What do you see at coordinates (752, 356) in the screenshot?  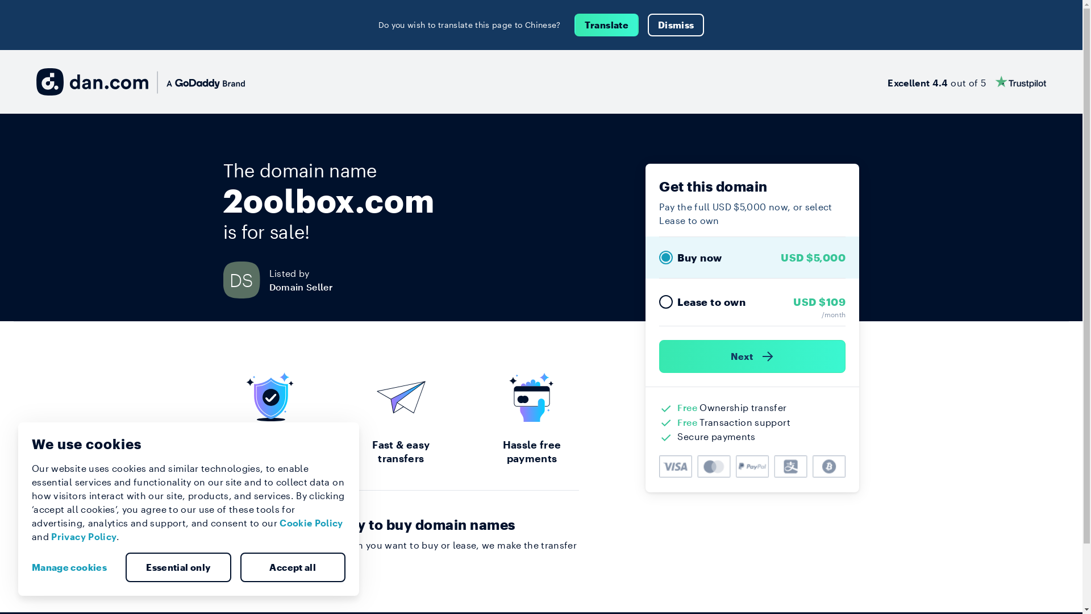 I see `'Next` at bounding box center [752, 356].